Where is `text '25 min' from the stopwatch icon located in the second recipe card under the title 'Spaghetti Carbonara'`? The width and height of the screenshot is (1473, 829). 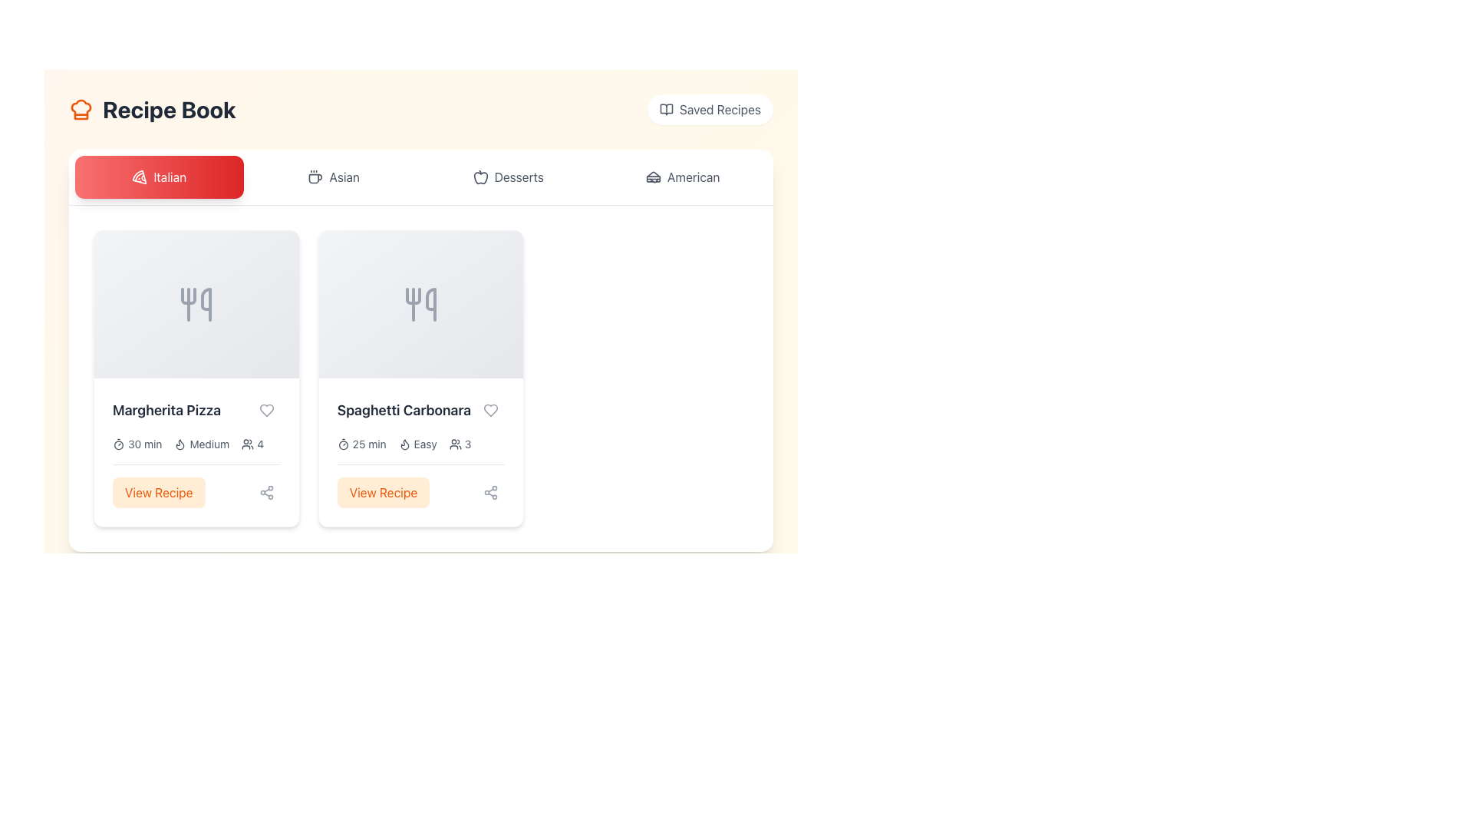 text '25 min' from the stopwatch icon located in the second recipe card under the title 'Spaghetti Carbonara' is located at coordinates (361, 444).